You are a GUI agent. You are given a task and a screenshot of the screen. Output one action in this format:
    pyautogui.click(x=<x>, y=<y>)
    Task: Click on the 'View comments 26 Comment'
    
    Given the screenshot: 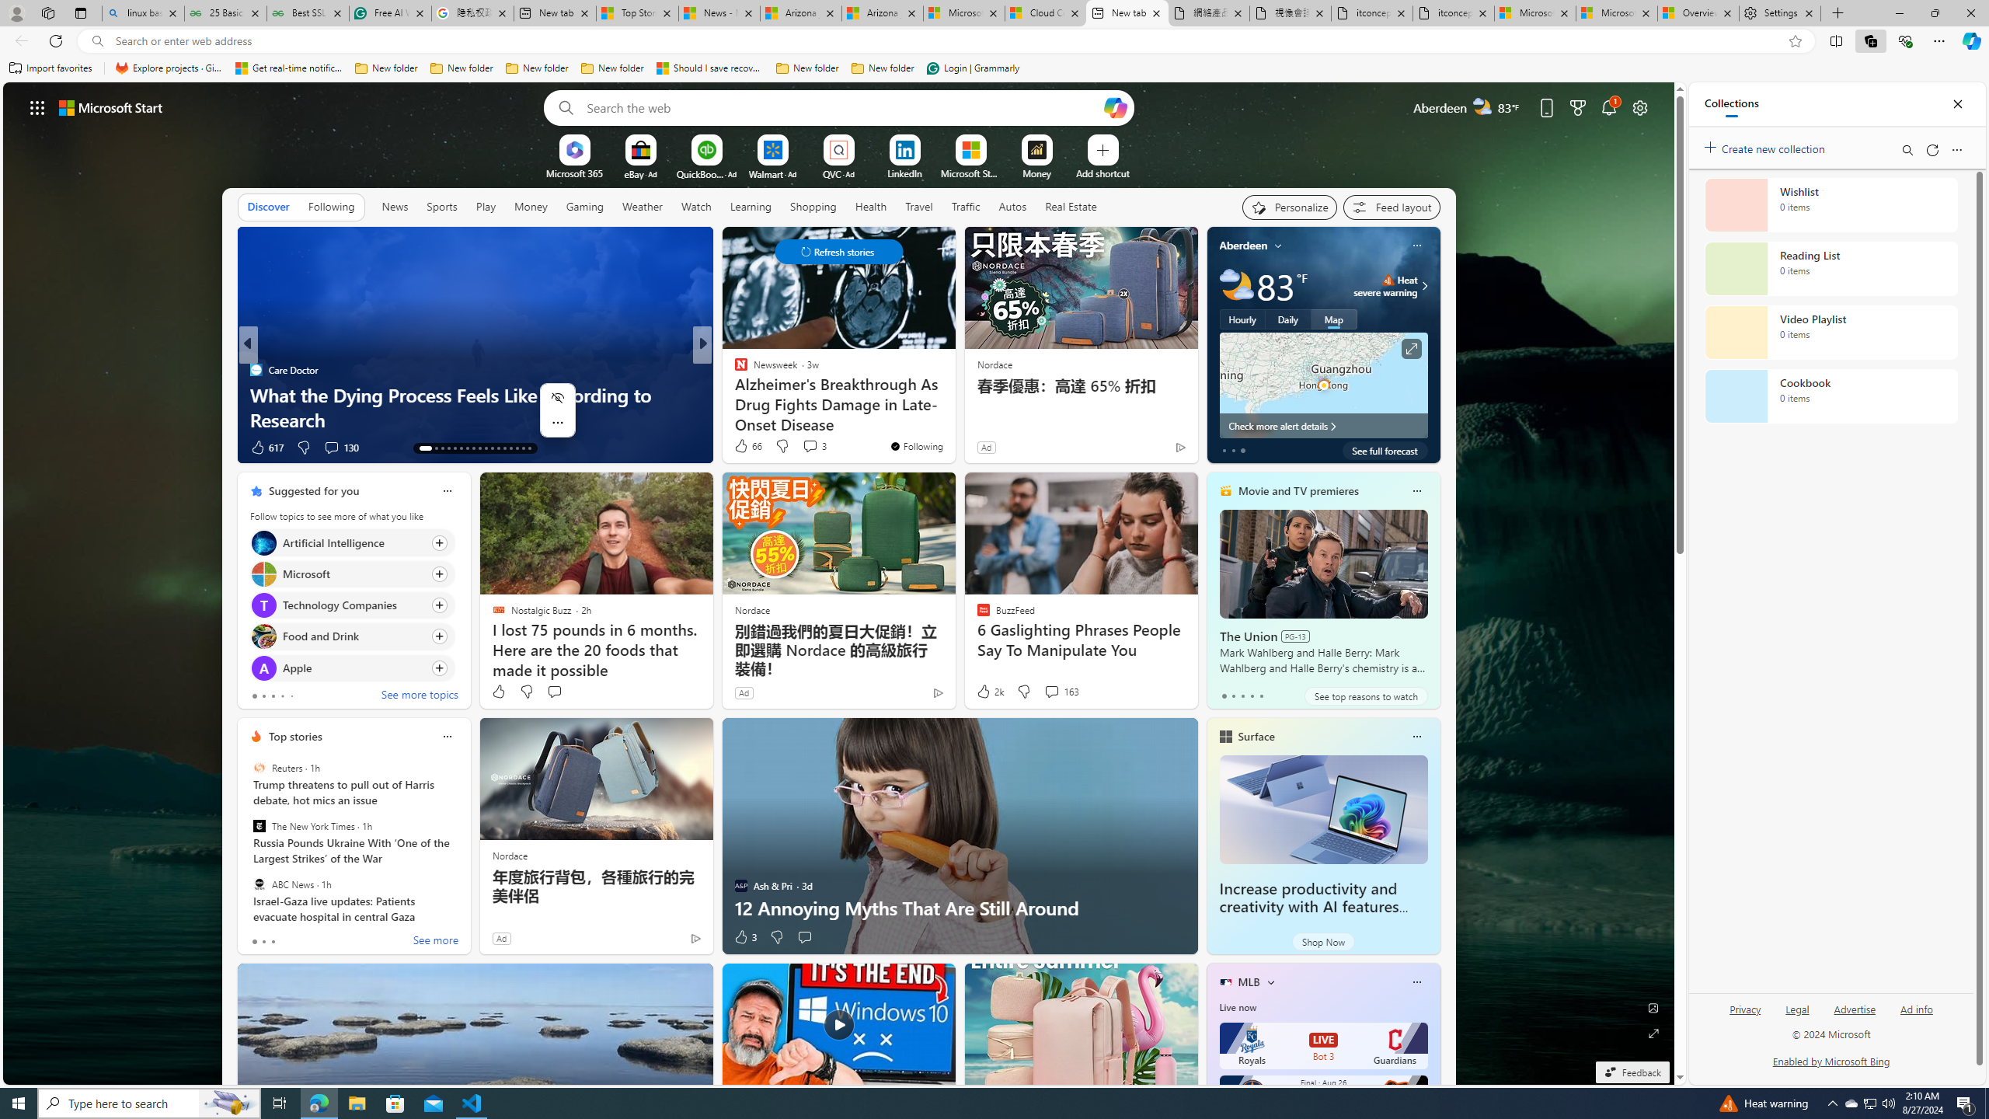 What is the action you would take?
    pyautogui.click(x=815, y=447)
    